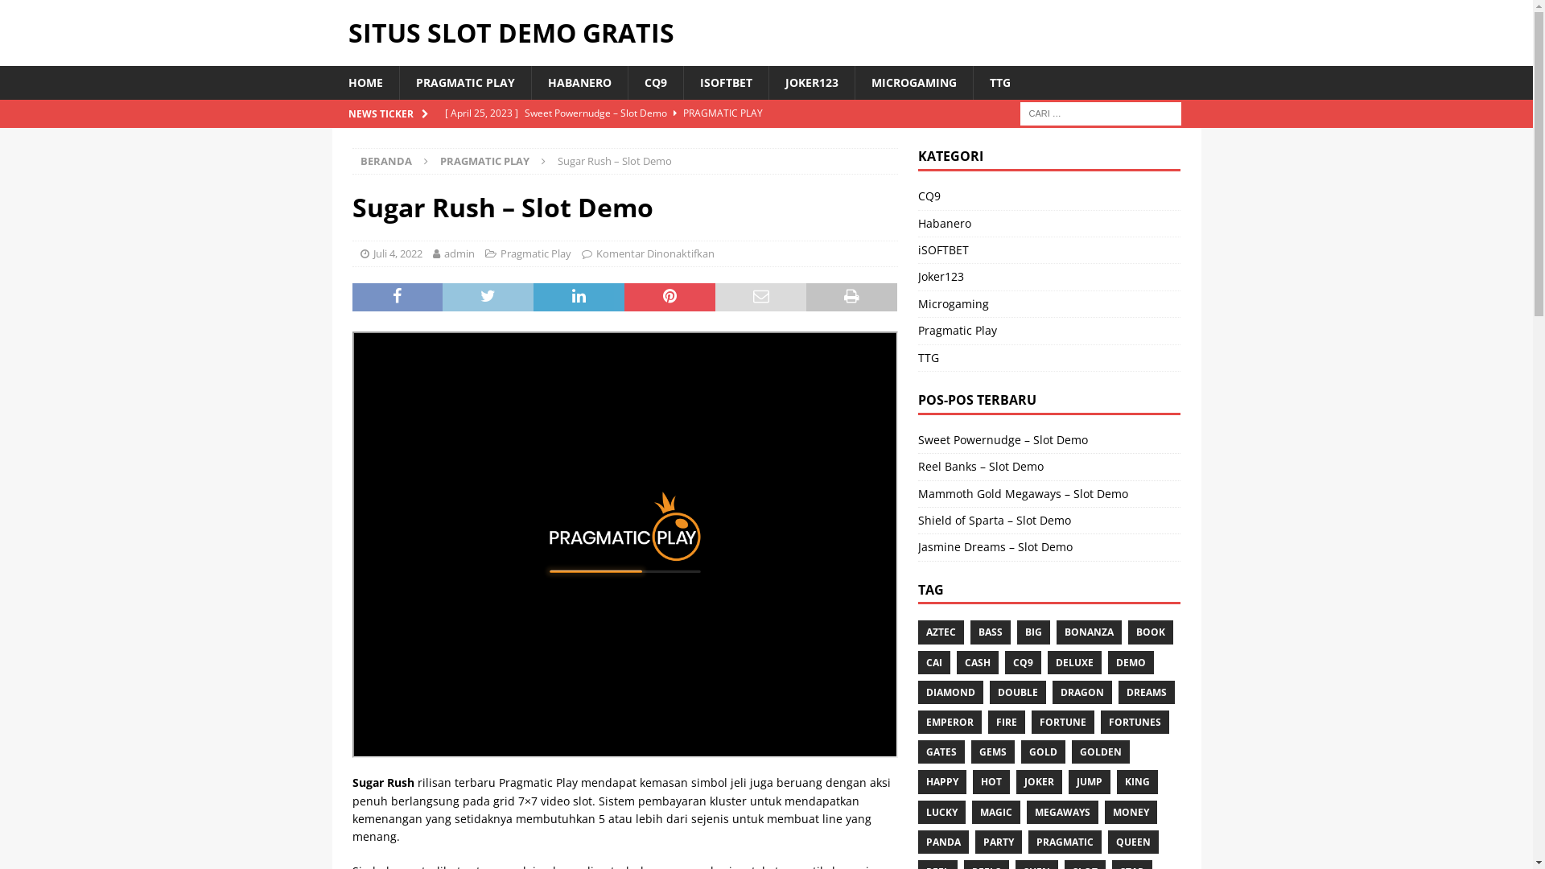 The width and height of the screenshot is (1545, 869). What do you see at coordinates (943, 841) in the screenshot?
I see `'PANDA'` at bounding box center [943, 841].